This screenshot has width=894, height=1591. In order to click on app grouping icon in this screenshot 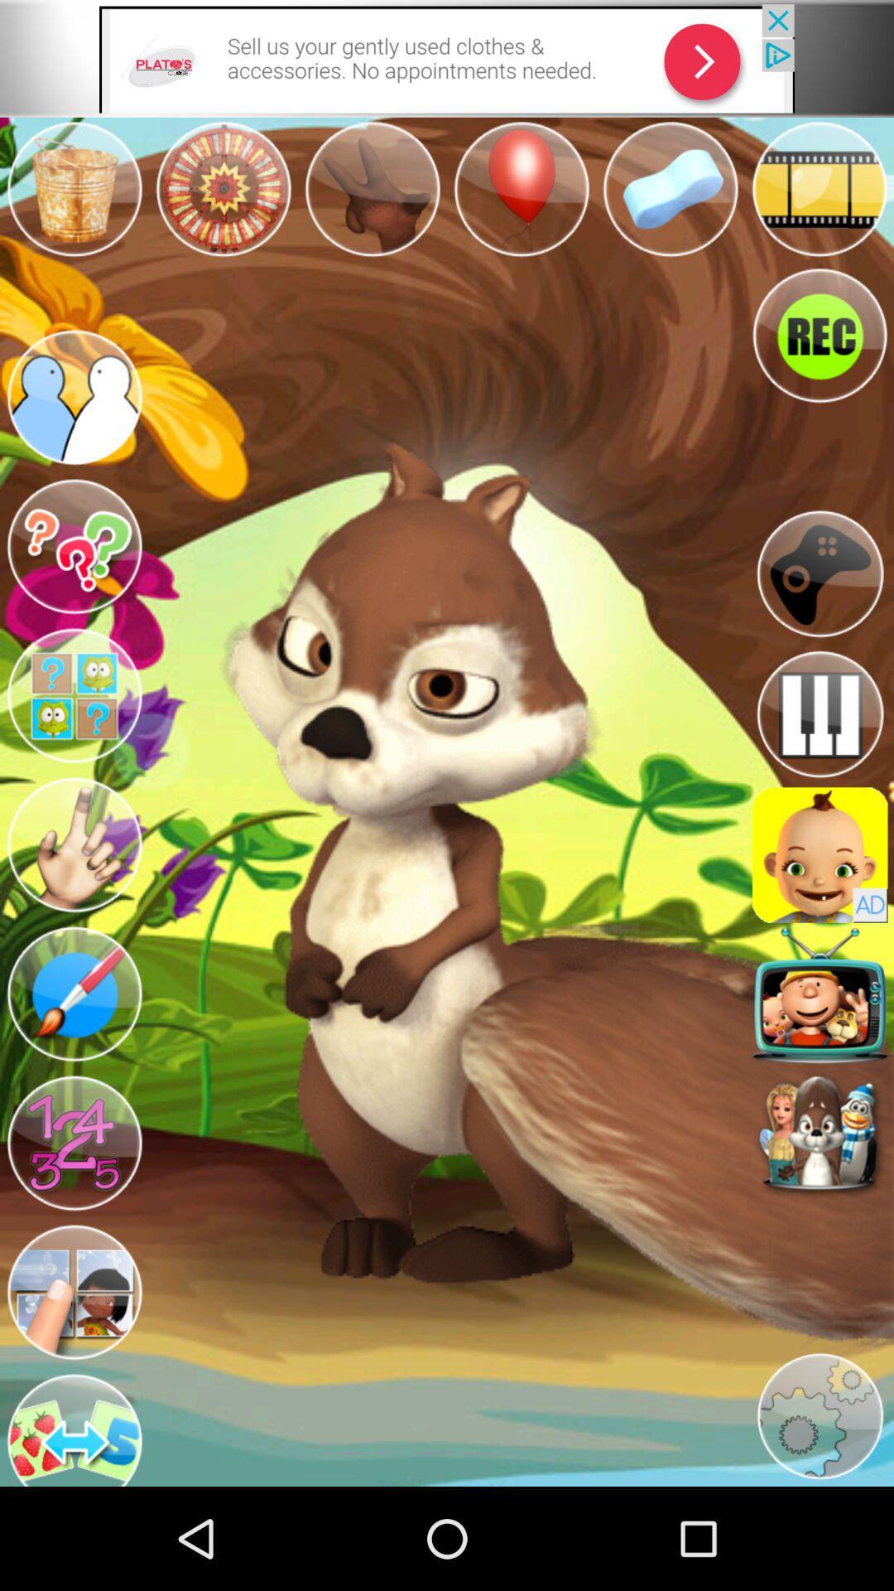, I will do `click(73, 696)`.